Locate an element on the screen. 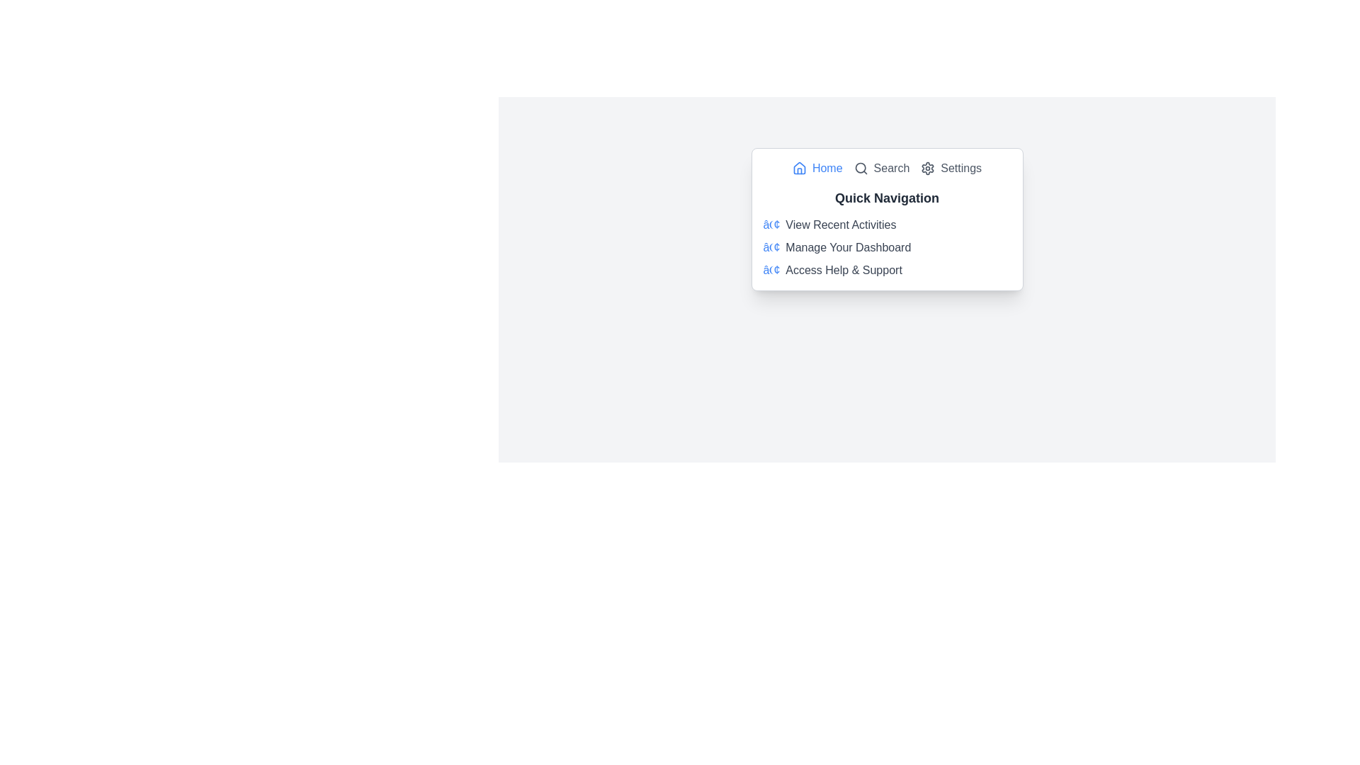 This screenshot has width=1360, height=765. the blue text element labeled 'Home' in the top-left section of the dropdown menu is located at coordinates (827, 168).